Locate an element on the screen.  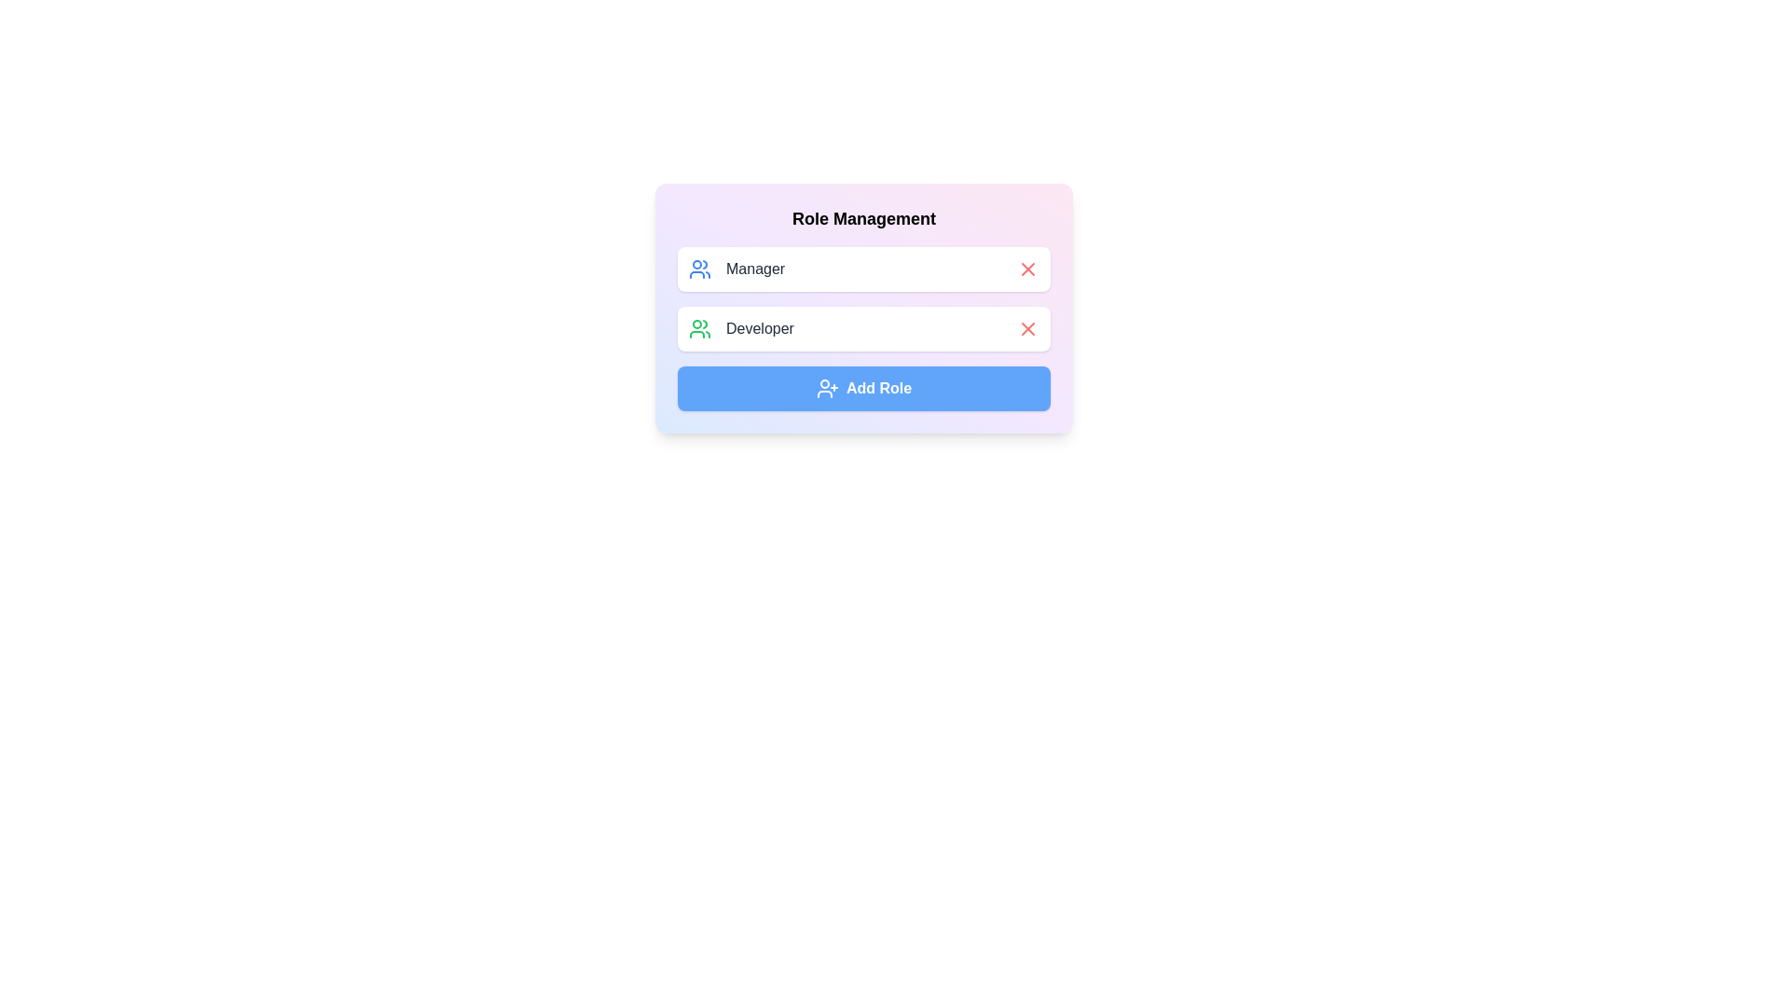
the 'X' button for Manager is located at coordinates (1027, 269).